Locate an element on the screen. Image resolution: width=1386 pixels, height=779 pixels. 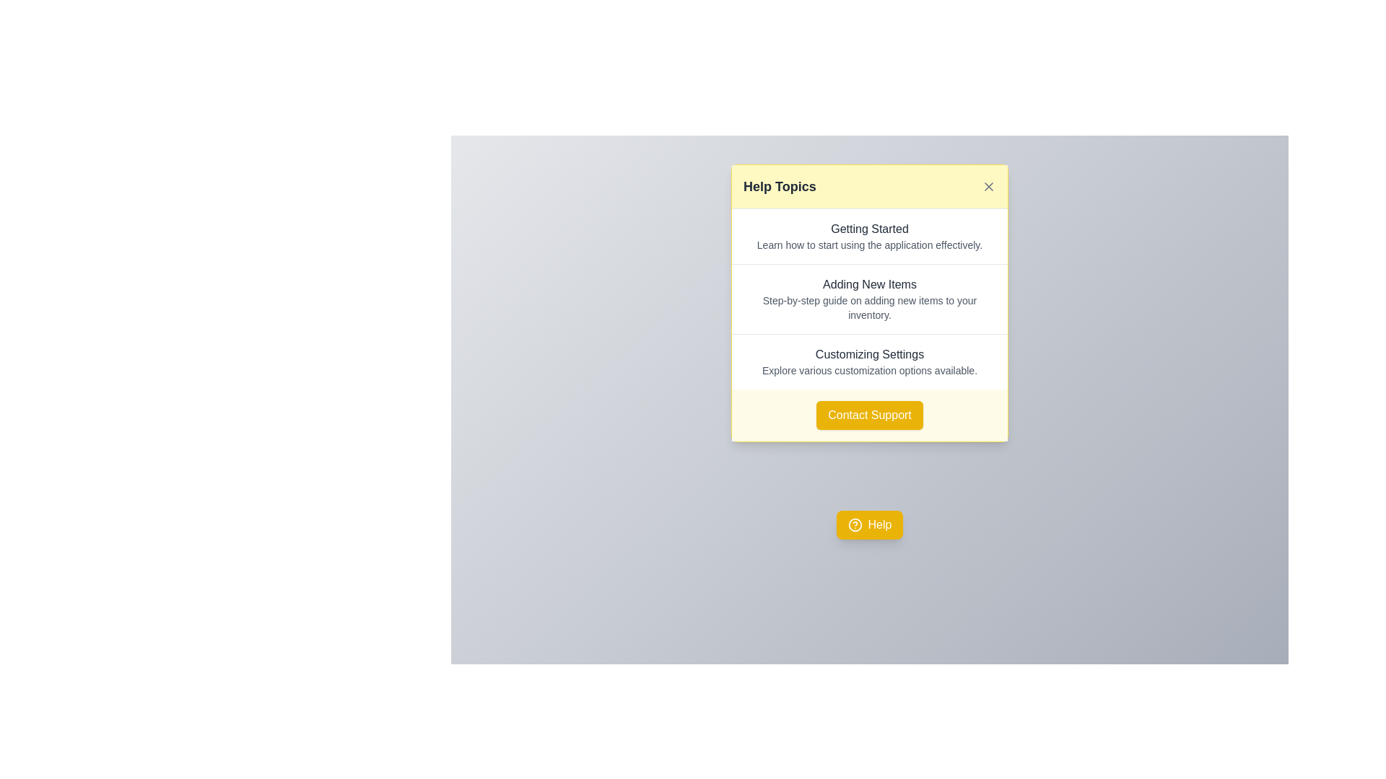
information in the 'Getting Started' section, which contains the header and description about using the application effectively is located at coordinates (868, 235).